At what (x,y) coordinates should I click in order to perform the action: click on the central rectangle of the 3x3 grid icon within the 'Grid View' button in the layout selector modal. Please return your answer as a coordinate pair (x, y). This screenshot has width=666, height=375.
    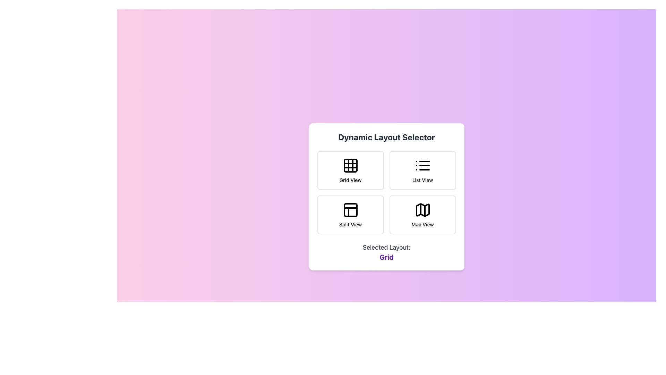
    Looking at the image, I should click on (350, 166).